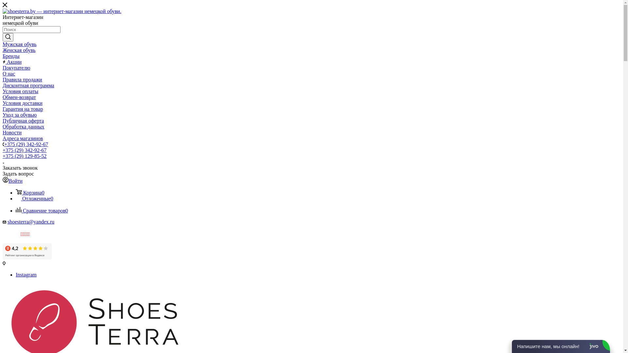 The width and height of the screenshot is (628, 353). What do you see at coordinates (30, 221) in the screenshot?
I see `'shoesterra@yandex.ru'` at bounding box center [30, 221].